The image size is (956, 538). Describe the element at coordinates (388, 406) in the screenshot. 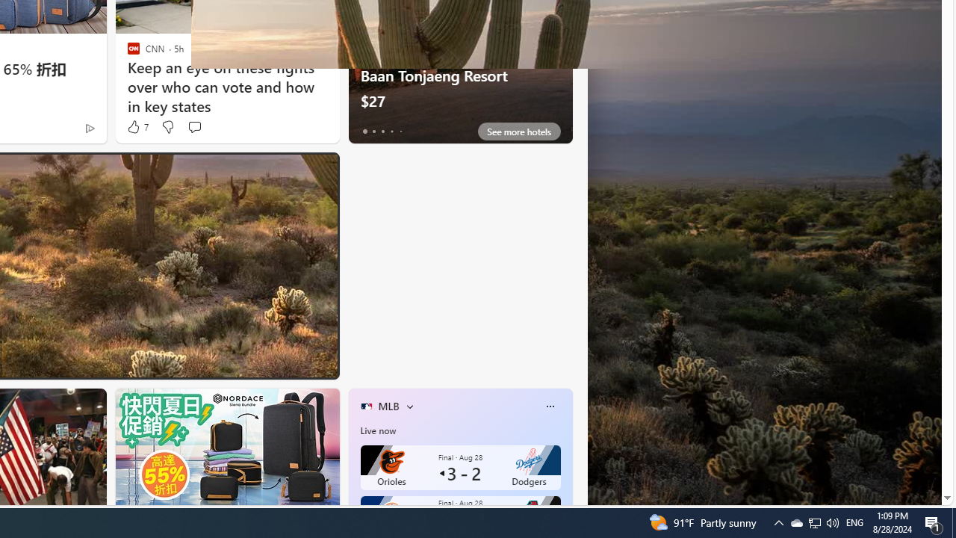

I see `'MLB'` at that location.